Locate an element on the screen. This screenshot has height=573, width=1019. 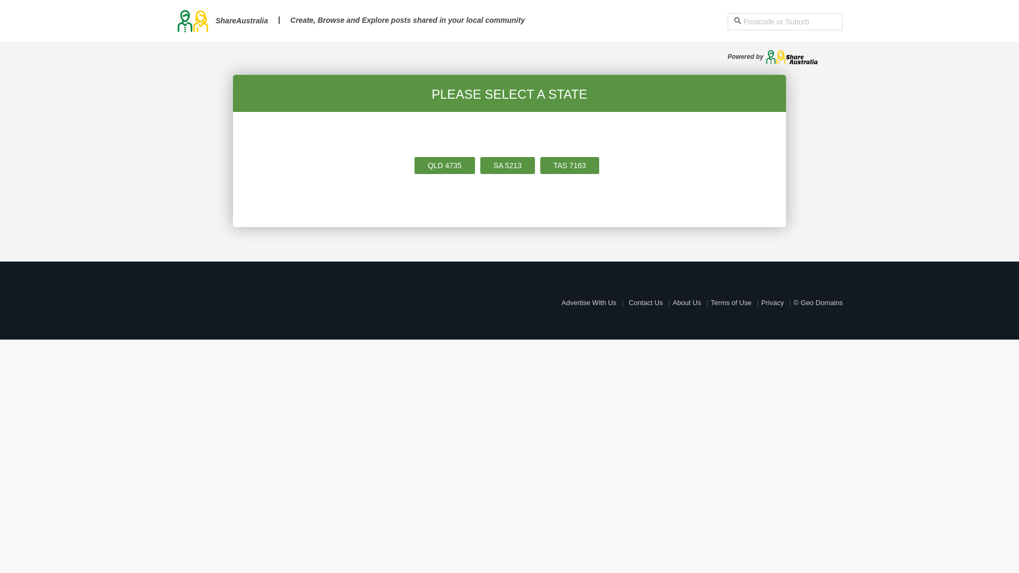
'Contact Us' is located at coordinates (645, 302).